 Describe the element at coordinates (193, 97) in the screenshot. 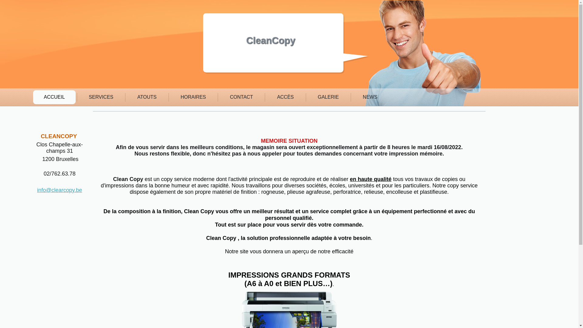

I see `'HORAIRES'` at that location.